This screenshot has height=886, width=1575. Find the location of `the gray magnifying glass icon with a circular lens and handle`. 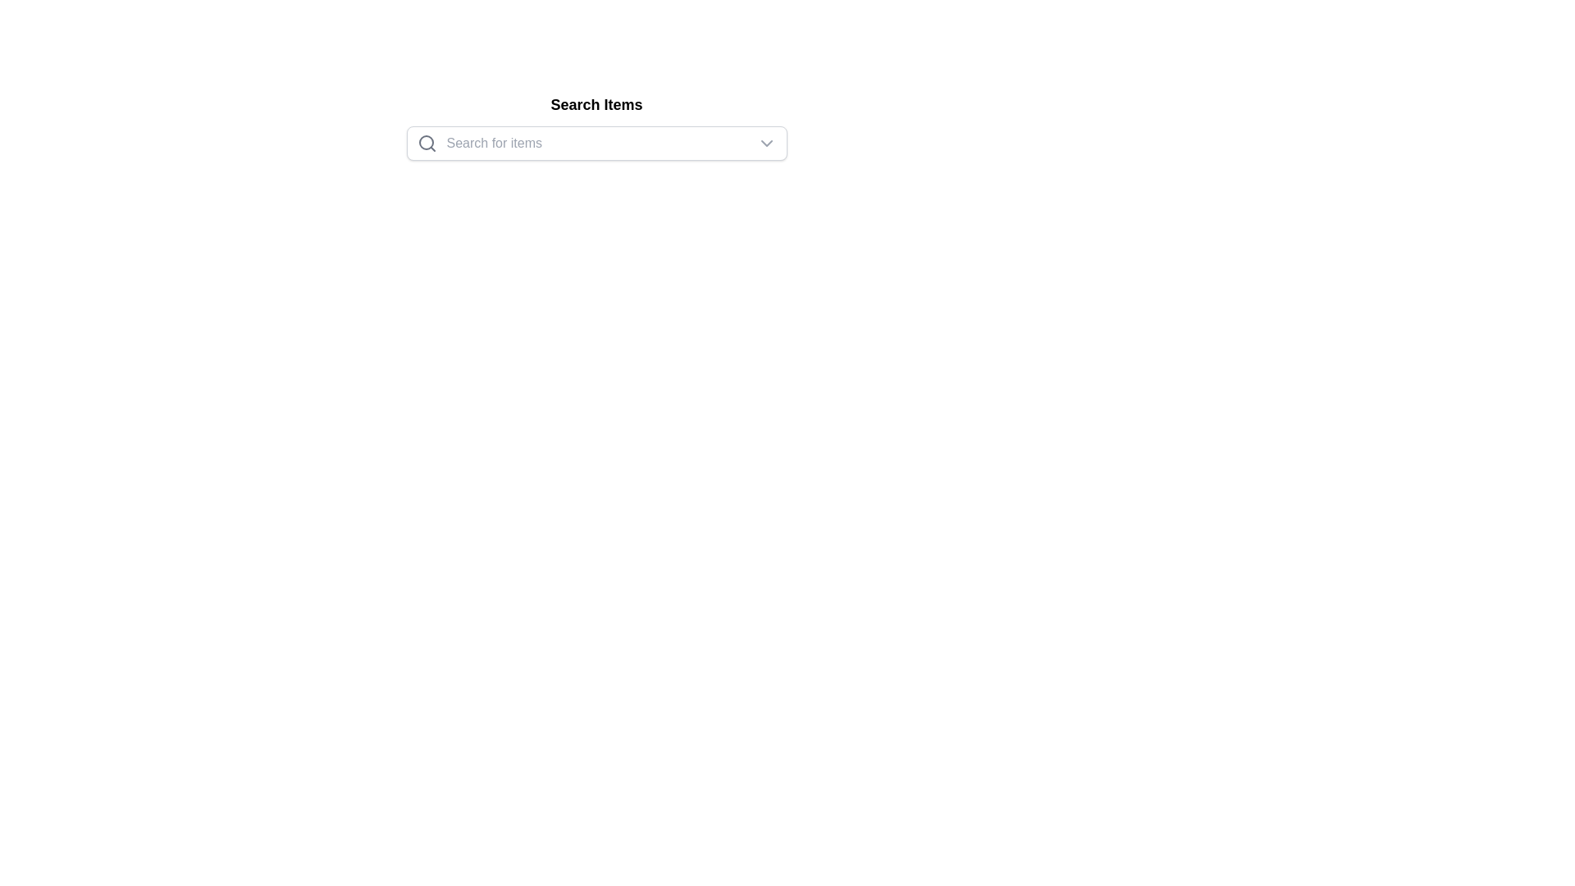

the gray magnifying glass icon with a circular lens and handle is located at coordinates (427, 142).